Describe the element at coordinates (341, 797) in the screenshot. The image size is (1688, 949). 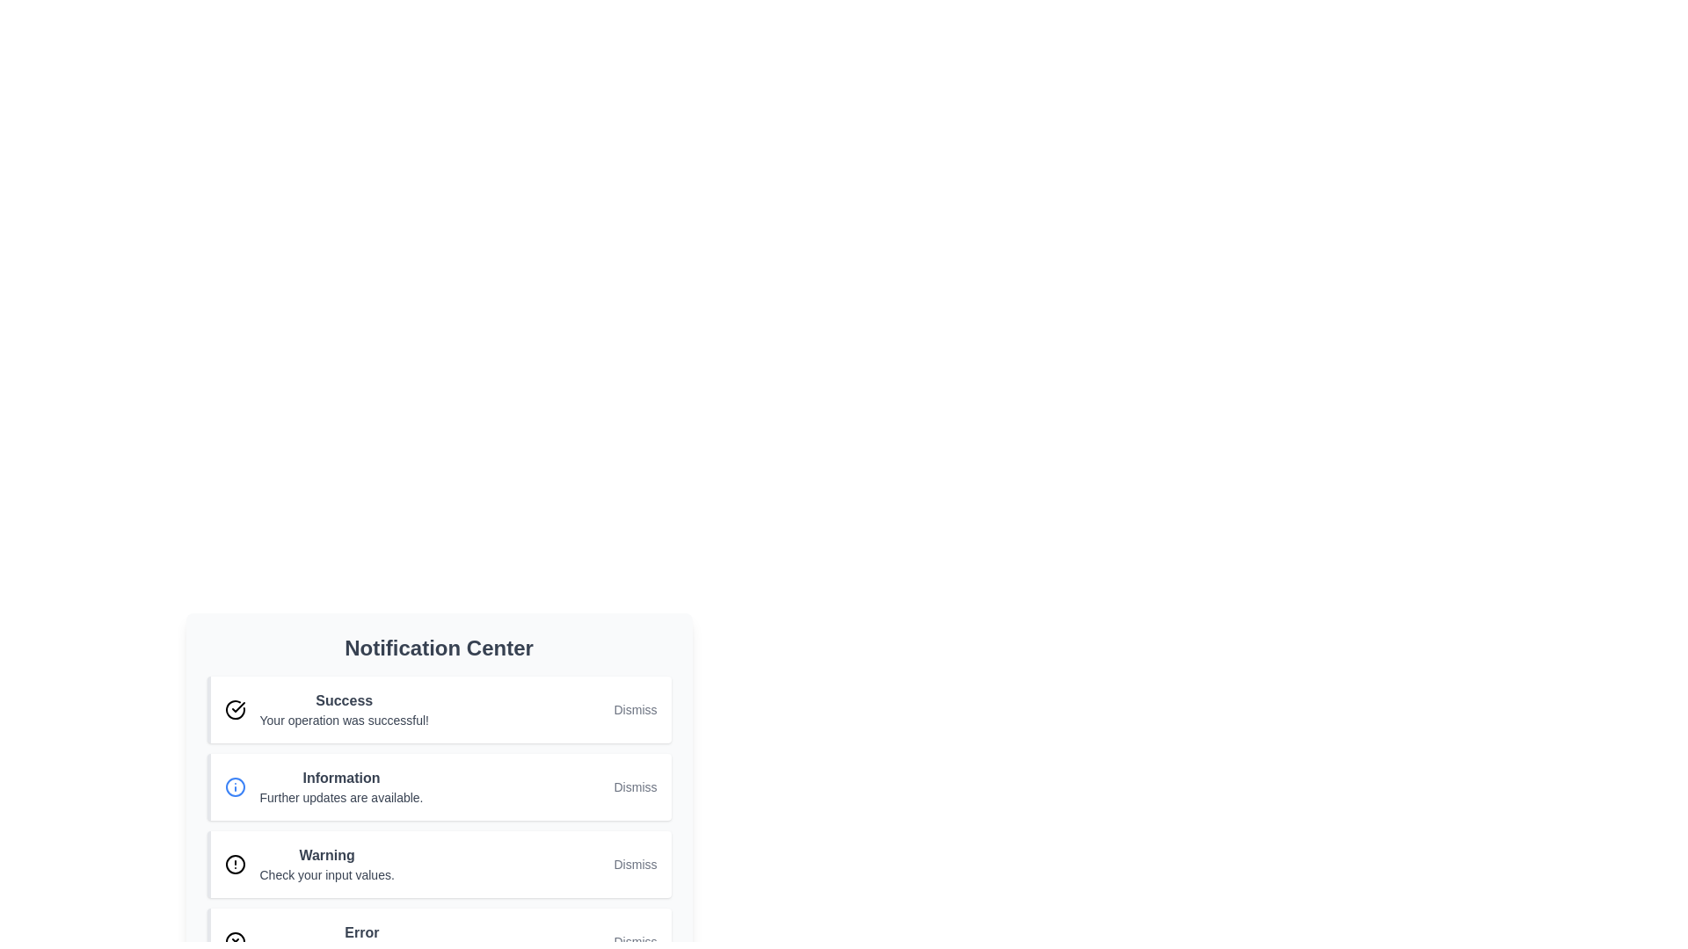
I see `the static text element displaying the message 'Further updates are available.' located within the 'Information' notification box` at that location.